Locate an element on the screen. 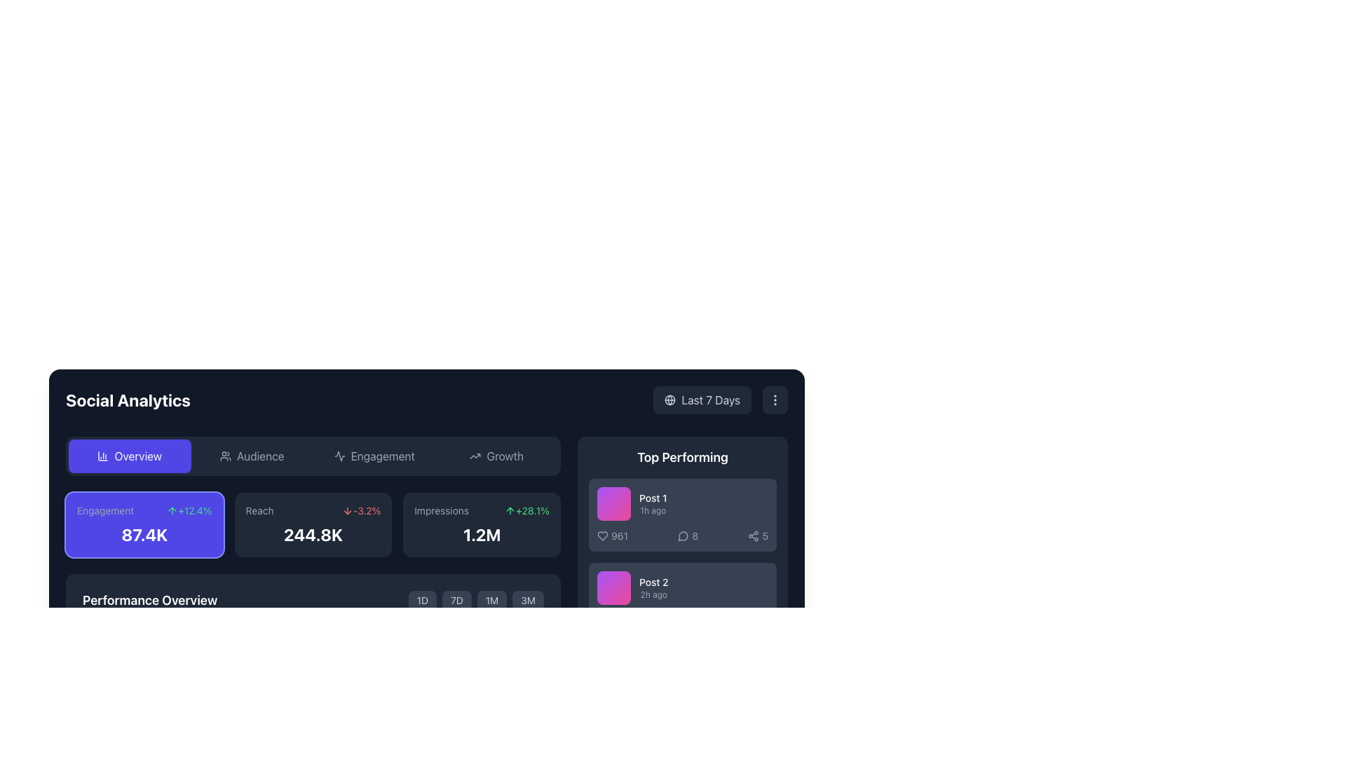  the 'like' or 'favorite' icon located to the left of the numeric text '961' in the 'Post 1' section of the 'Top Performing' widget is located at coordinates (602, 536).